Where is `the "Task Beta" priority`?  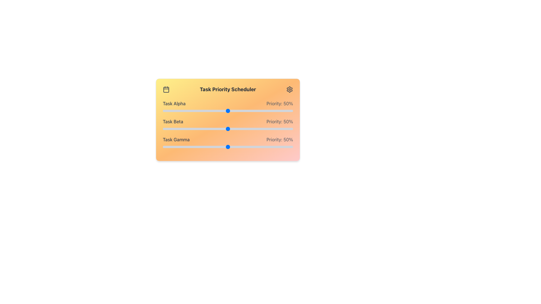
the "Task Beta" priority is located at coordinates (284, 129).